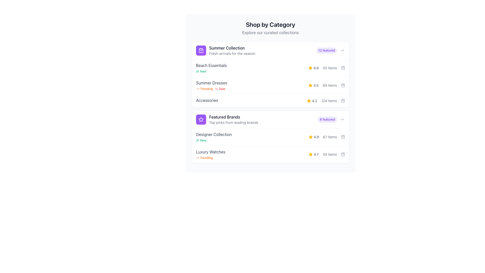  I want to click on the orange 'Trending' label, which is located to the left of the red 'Sale' label under the 'Summer Dresses' category, so click(204, 88).